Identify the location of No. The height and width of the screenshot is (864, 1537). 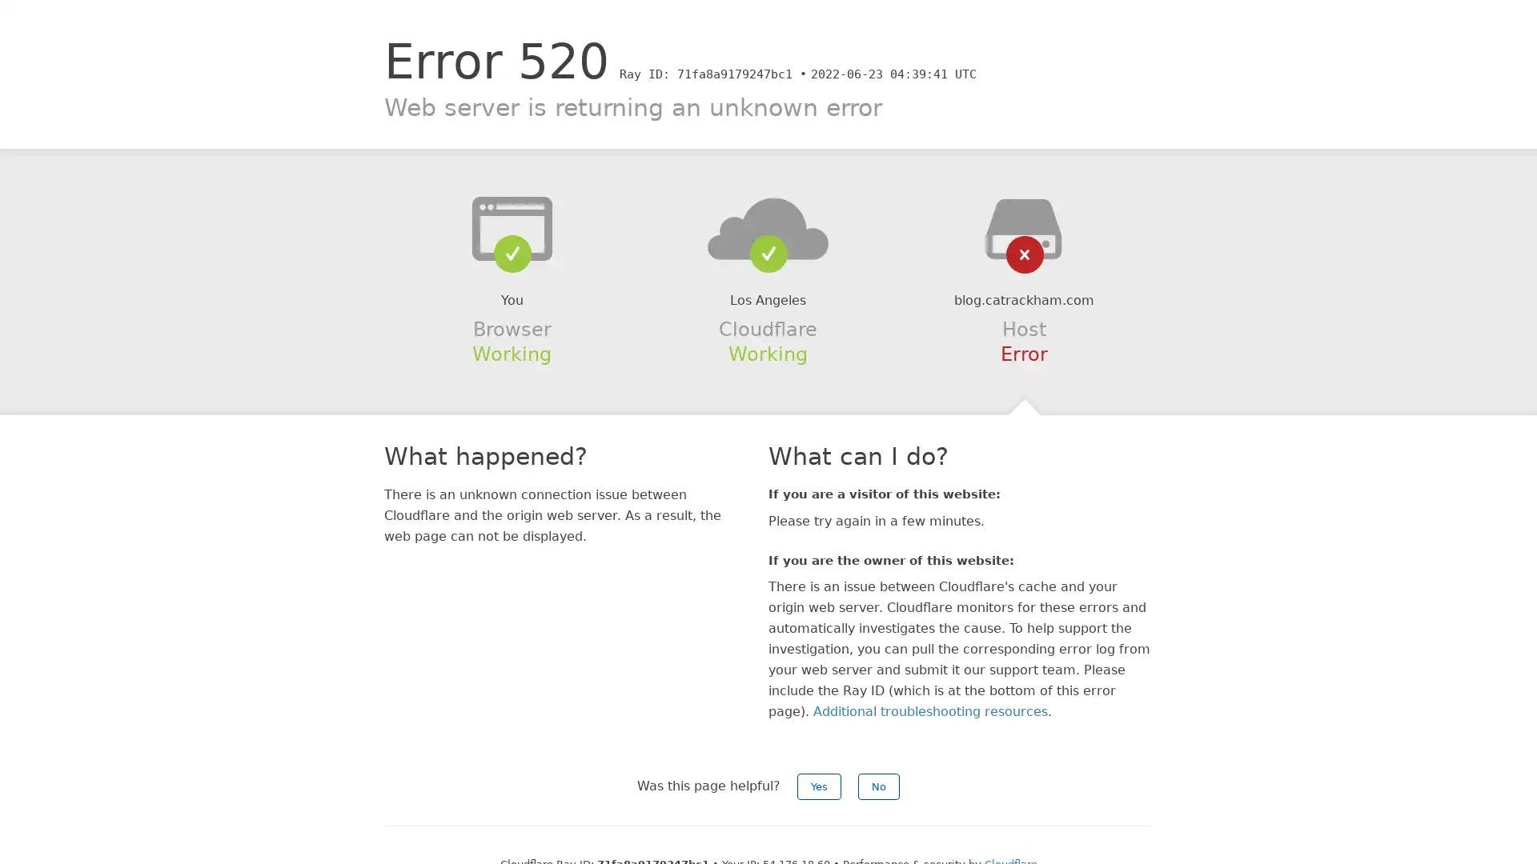
(878, 786).